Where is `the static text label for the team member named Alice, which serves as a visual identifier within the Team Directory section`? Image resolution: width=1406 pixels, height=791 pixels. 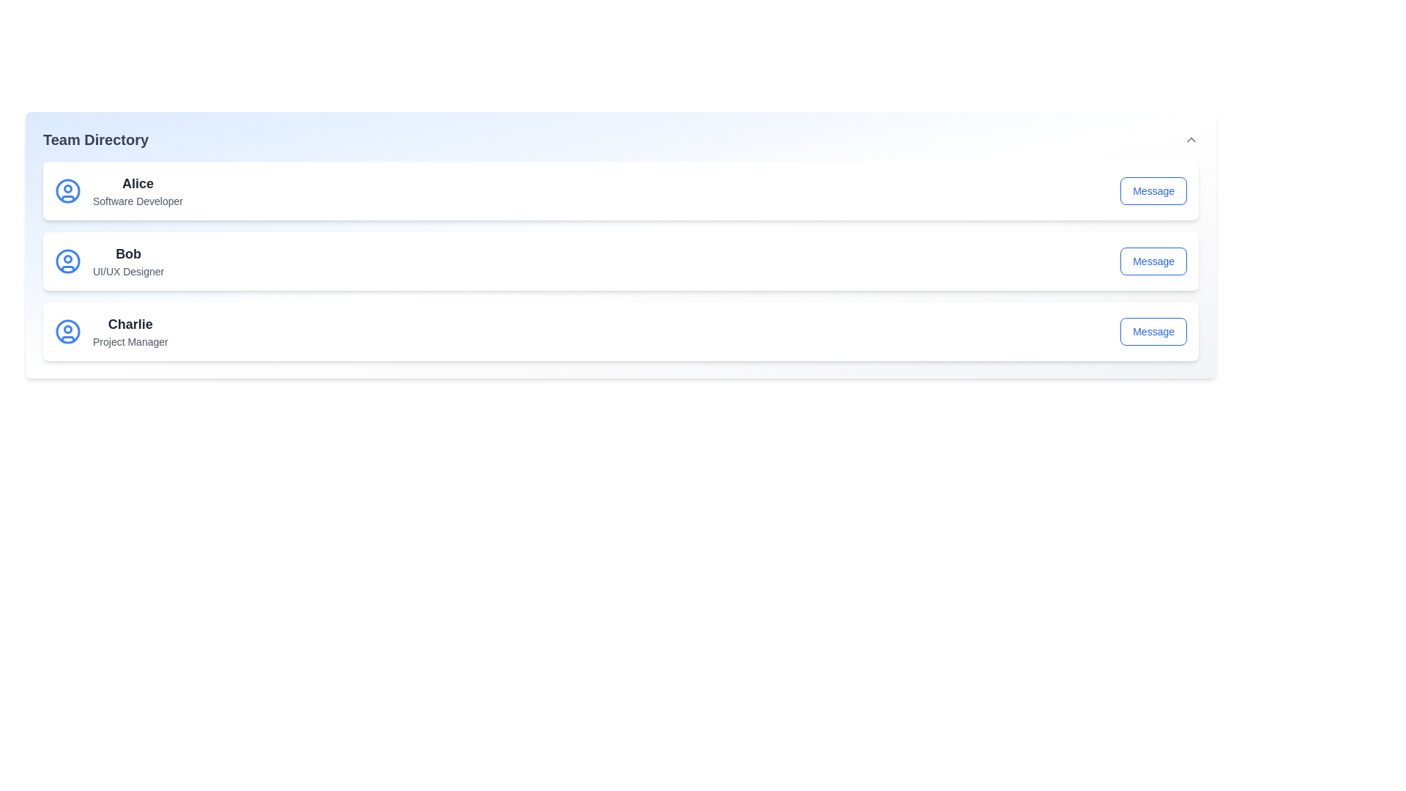 the static text label for the team member named Alice, which serves as a visual identifier within the Team Directory section is located at coordinates (138, 182).